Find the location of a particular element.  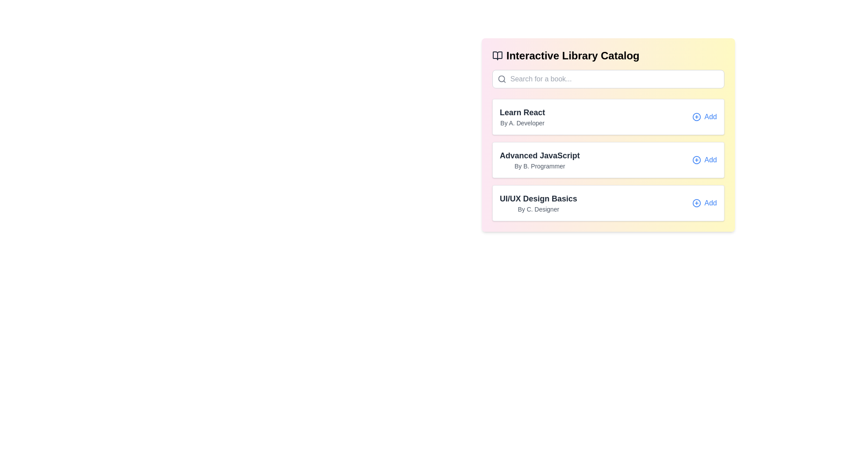

the SVG Circle element indirectly by clicking on the 'Add' button area next to the 'Advanced JavaScript' list item is located at coordinates (696, 160).